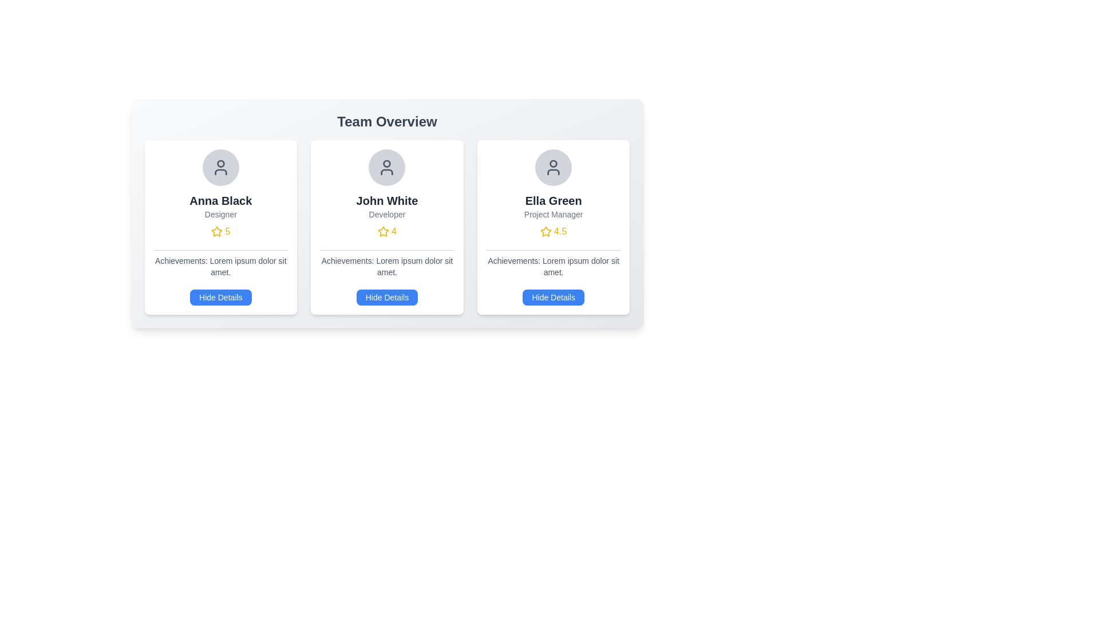 Image resolution: width=1099 pixels, height=618 pixels. What do you see at coordinates (554, 264) in the screenshot?
I see `the Text Label that displays achievements associated with 'Ella Green', located in the third card from the left in the team overview section, positioned above the 'Hide Details' button` at bounding box center [554, 264].